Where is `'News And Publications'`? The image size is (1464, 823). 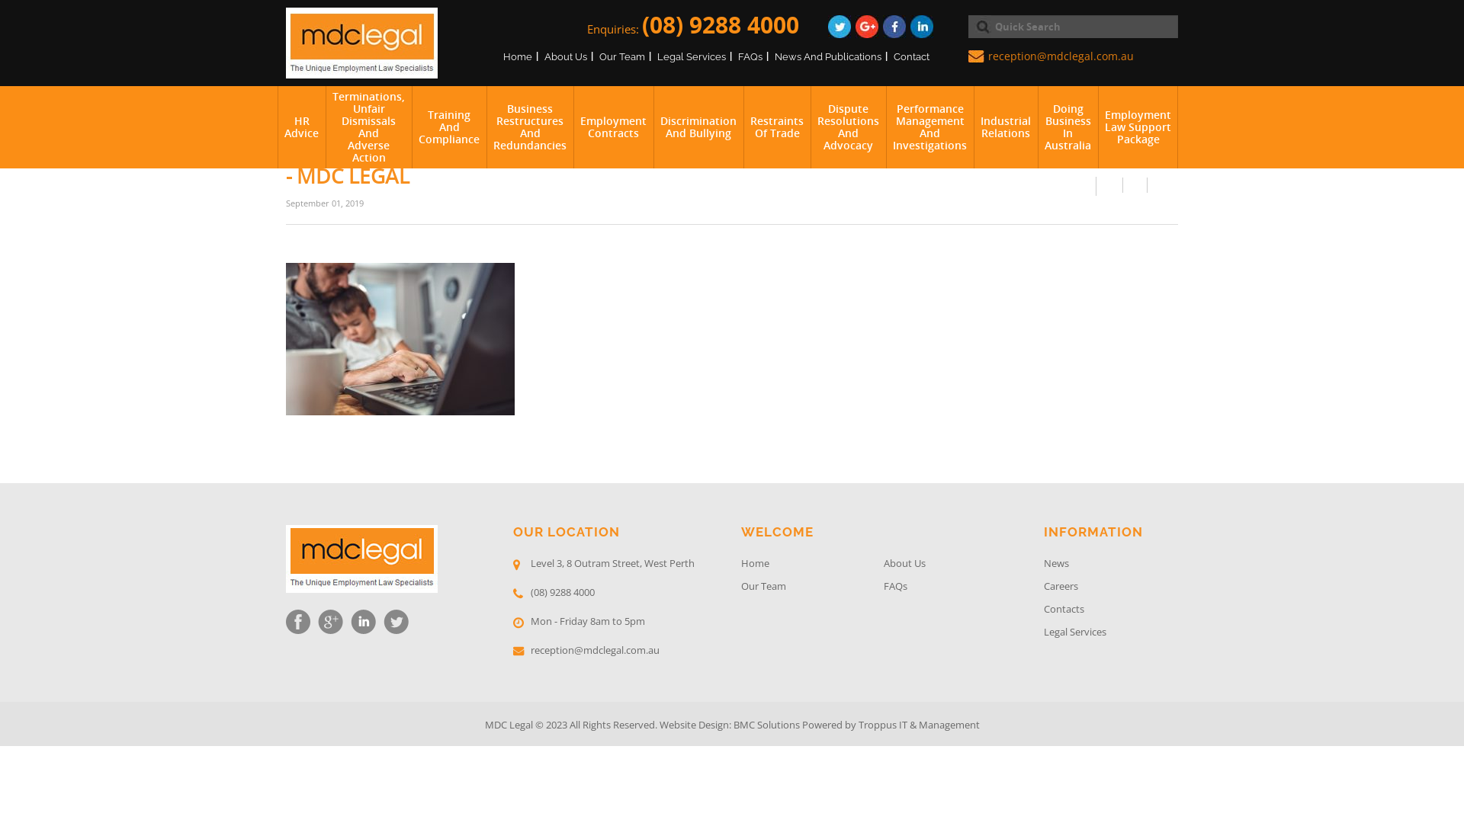 'News And Publications' is located at coordinates (827, 56).